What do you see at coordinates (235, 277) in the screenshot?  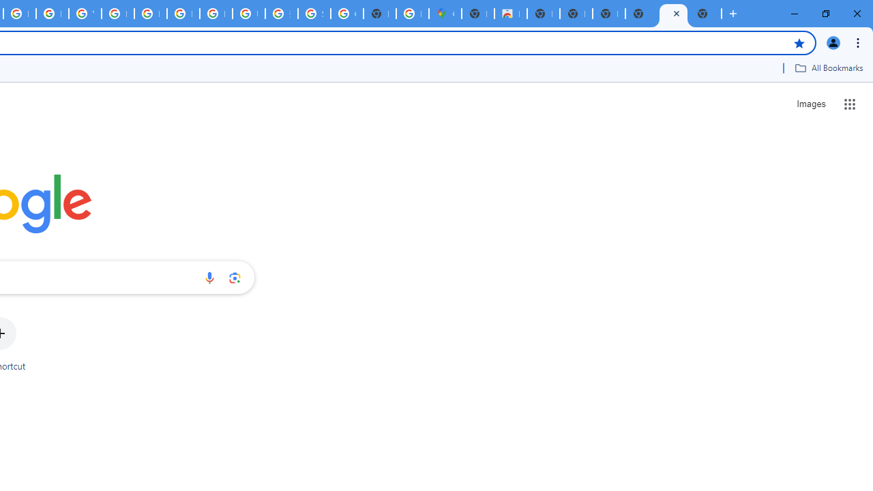 I see `'Search by image'` at bounding box center [235, 277].